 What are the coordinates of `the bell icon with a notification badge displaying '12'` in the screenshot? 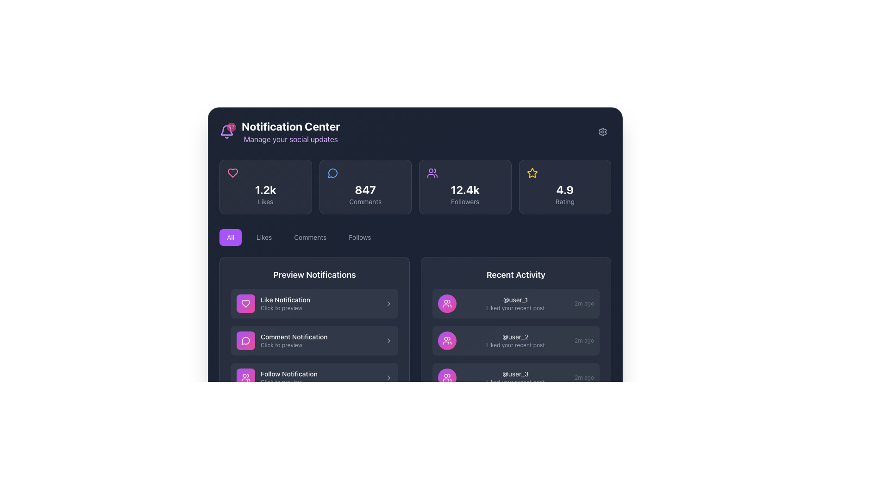 It's located at (226, 132).